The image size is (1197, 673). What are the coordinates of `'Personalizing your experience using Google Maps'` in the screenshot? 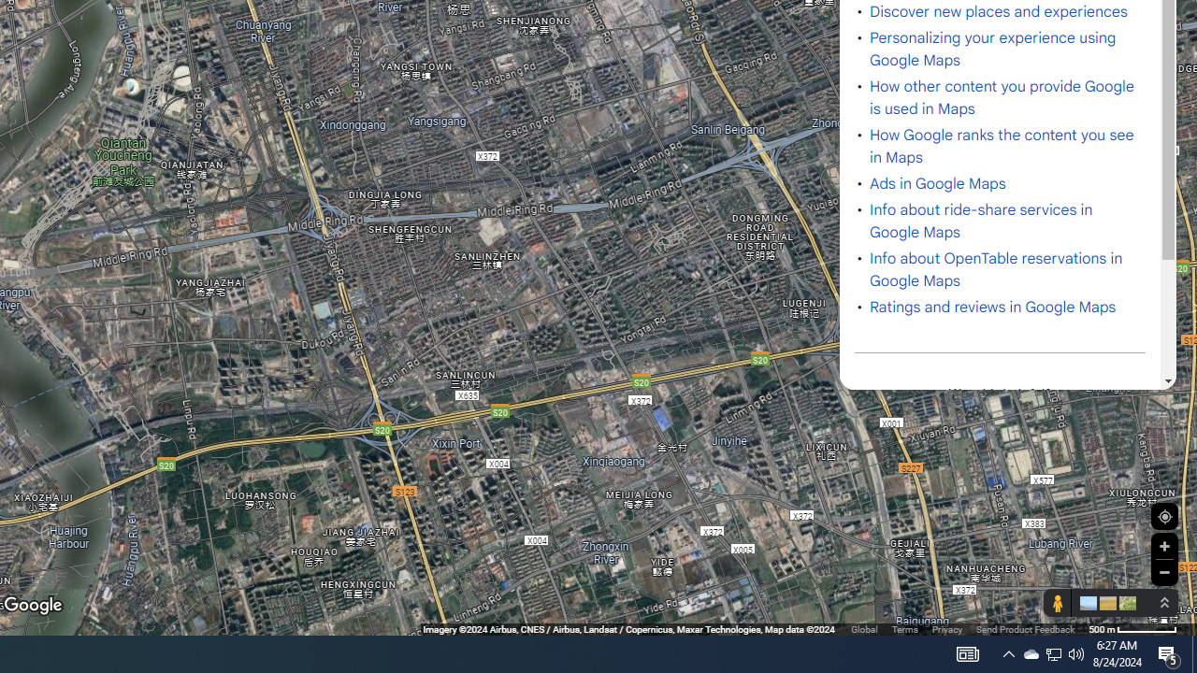 It's located at (992, 48).